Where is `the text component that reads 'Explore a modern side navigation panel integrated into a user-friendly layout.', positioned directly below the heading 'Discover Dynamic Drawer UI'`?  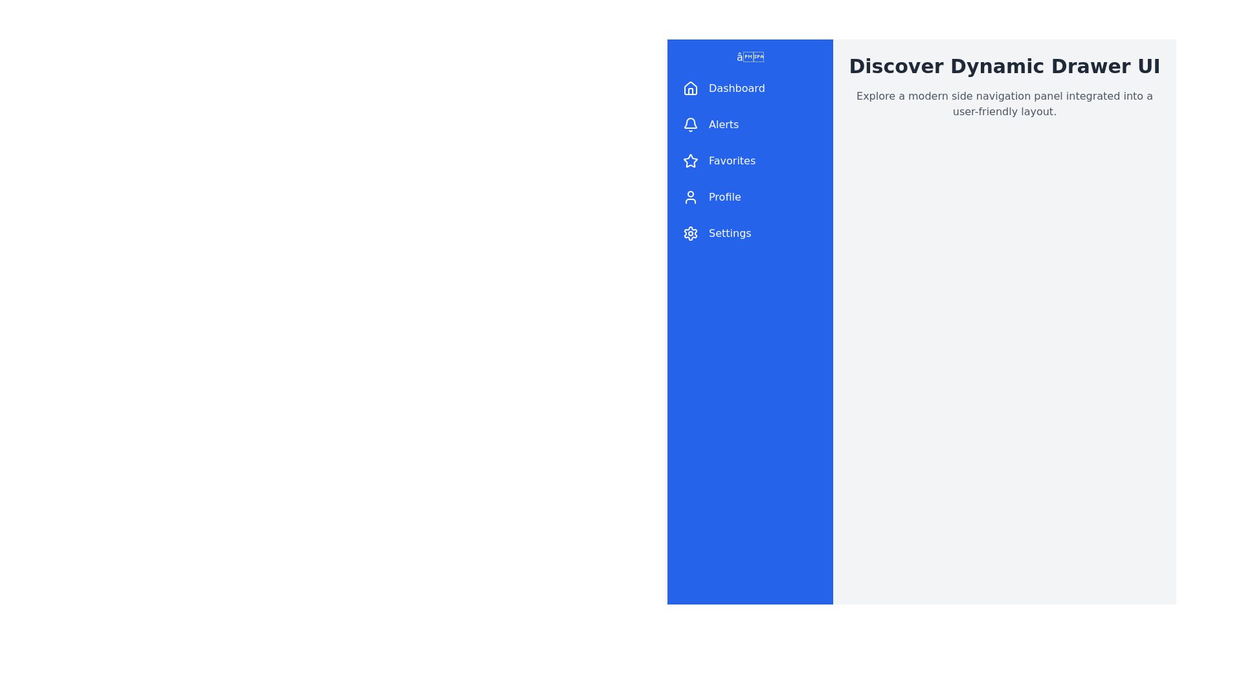
the text component that reads 'Explore a modern side navigation panel integrated into a user-friendly layout.', positioned directly below the heading 'Discover Dynamic Drawer UI' is located at coordinates (1003, 104).